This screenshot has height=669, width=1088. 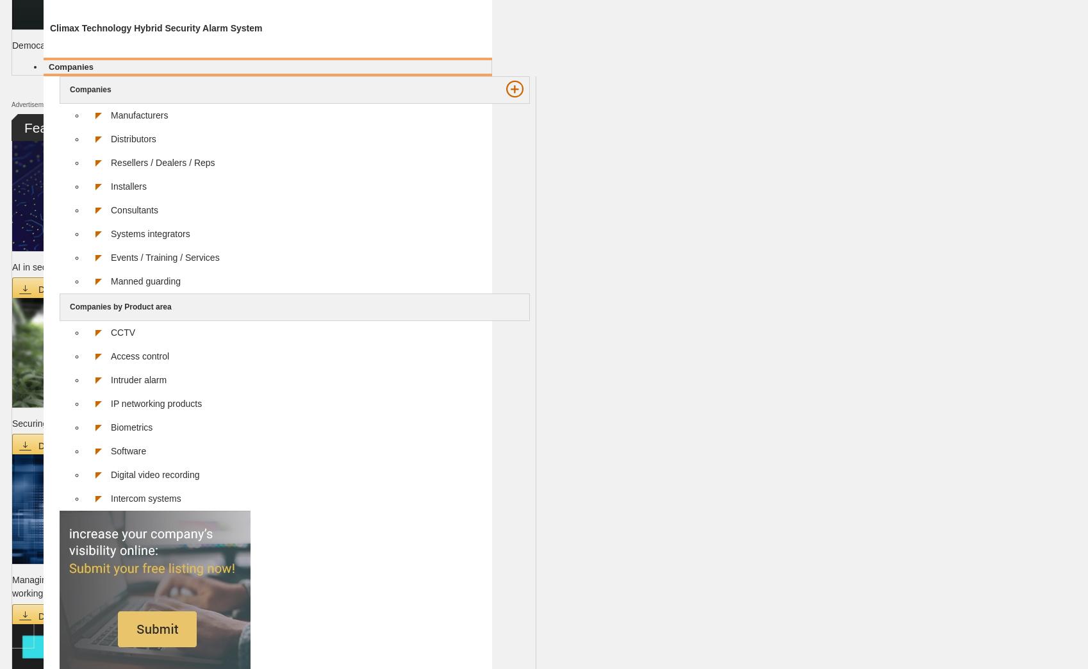 What do you see at coordinates (217, 45) in the screenshot?
I see `'Democast - Integrate cyber & physical access management for a 360-degree view of facilities - Webinar'` at bounding box center [217, 45].